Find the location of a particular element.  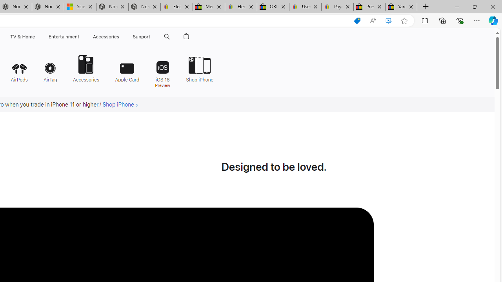

'Accessories' is located at coordinates (86, 67).